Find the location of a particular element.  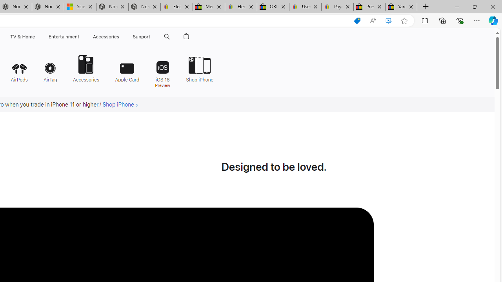

'Accessories' is located at coordinates (86, 67).